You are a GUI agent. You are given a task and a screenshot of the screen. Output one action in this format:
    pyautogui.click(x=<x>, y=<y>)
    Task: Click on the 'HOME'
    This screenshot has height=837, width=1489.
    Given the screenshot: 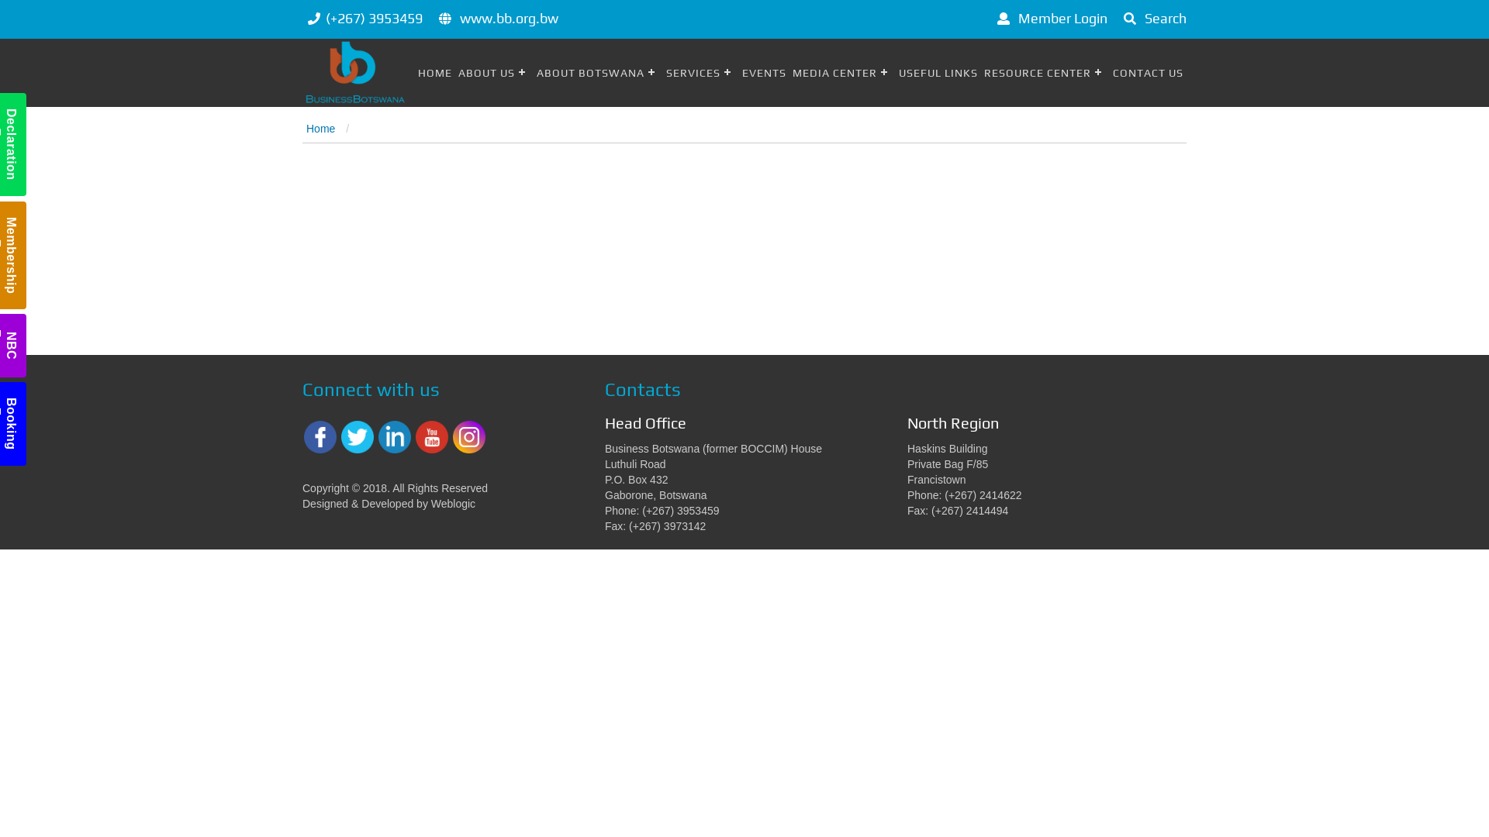 What is the action you would take?
    pyautogui.click(x=434, y=72)
    